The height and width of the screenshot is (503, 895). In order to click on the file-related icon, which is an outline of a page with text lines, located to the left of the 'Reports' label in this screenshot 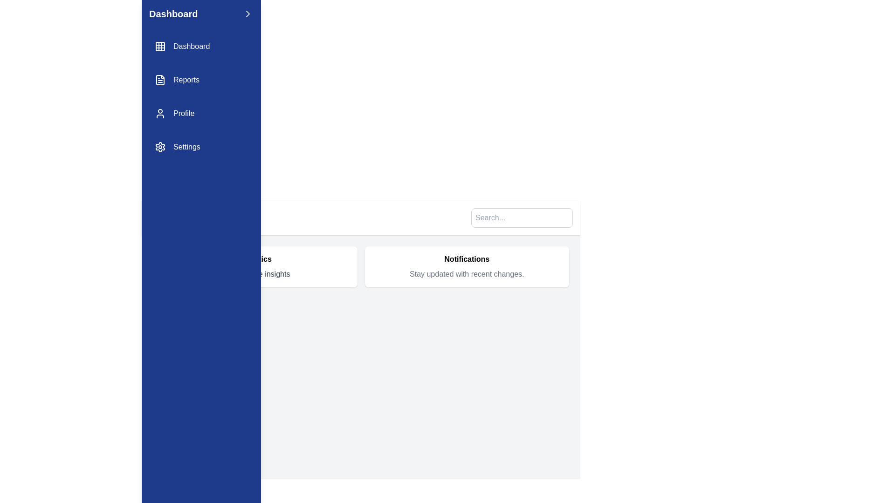, I will do `click(160, 80)`.